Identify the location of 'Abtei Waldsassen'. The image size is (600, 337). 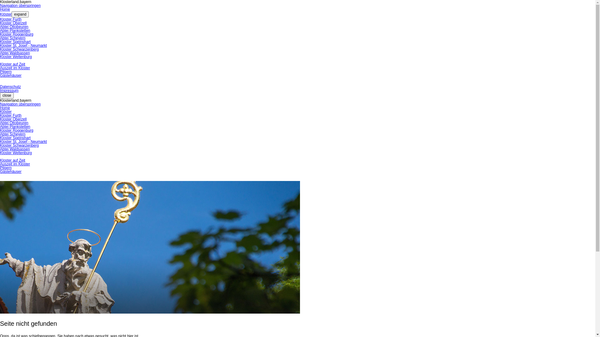
(15, 149).